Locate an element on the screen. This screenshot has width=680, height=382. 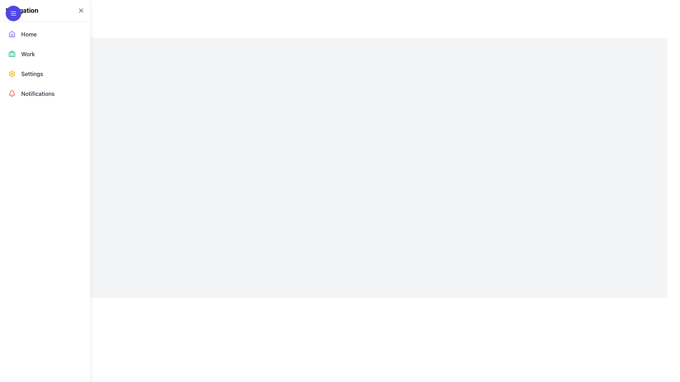
the SVG rectangle that represents the briefcase icon in the 'Work' option of the navigation menu, which is the second option from the top is located at coordinates (12, 54).